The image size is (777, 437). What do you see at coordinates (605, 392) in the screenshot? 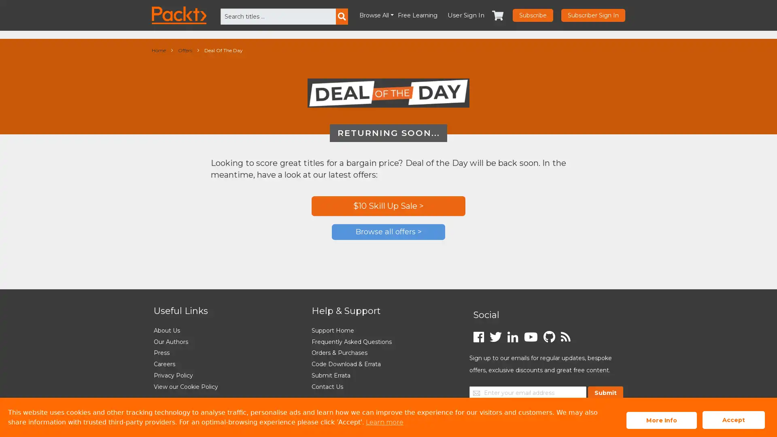
I see `Submit` at bounding box center [605, 392].